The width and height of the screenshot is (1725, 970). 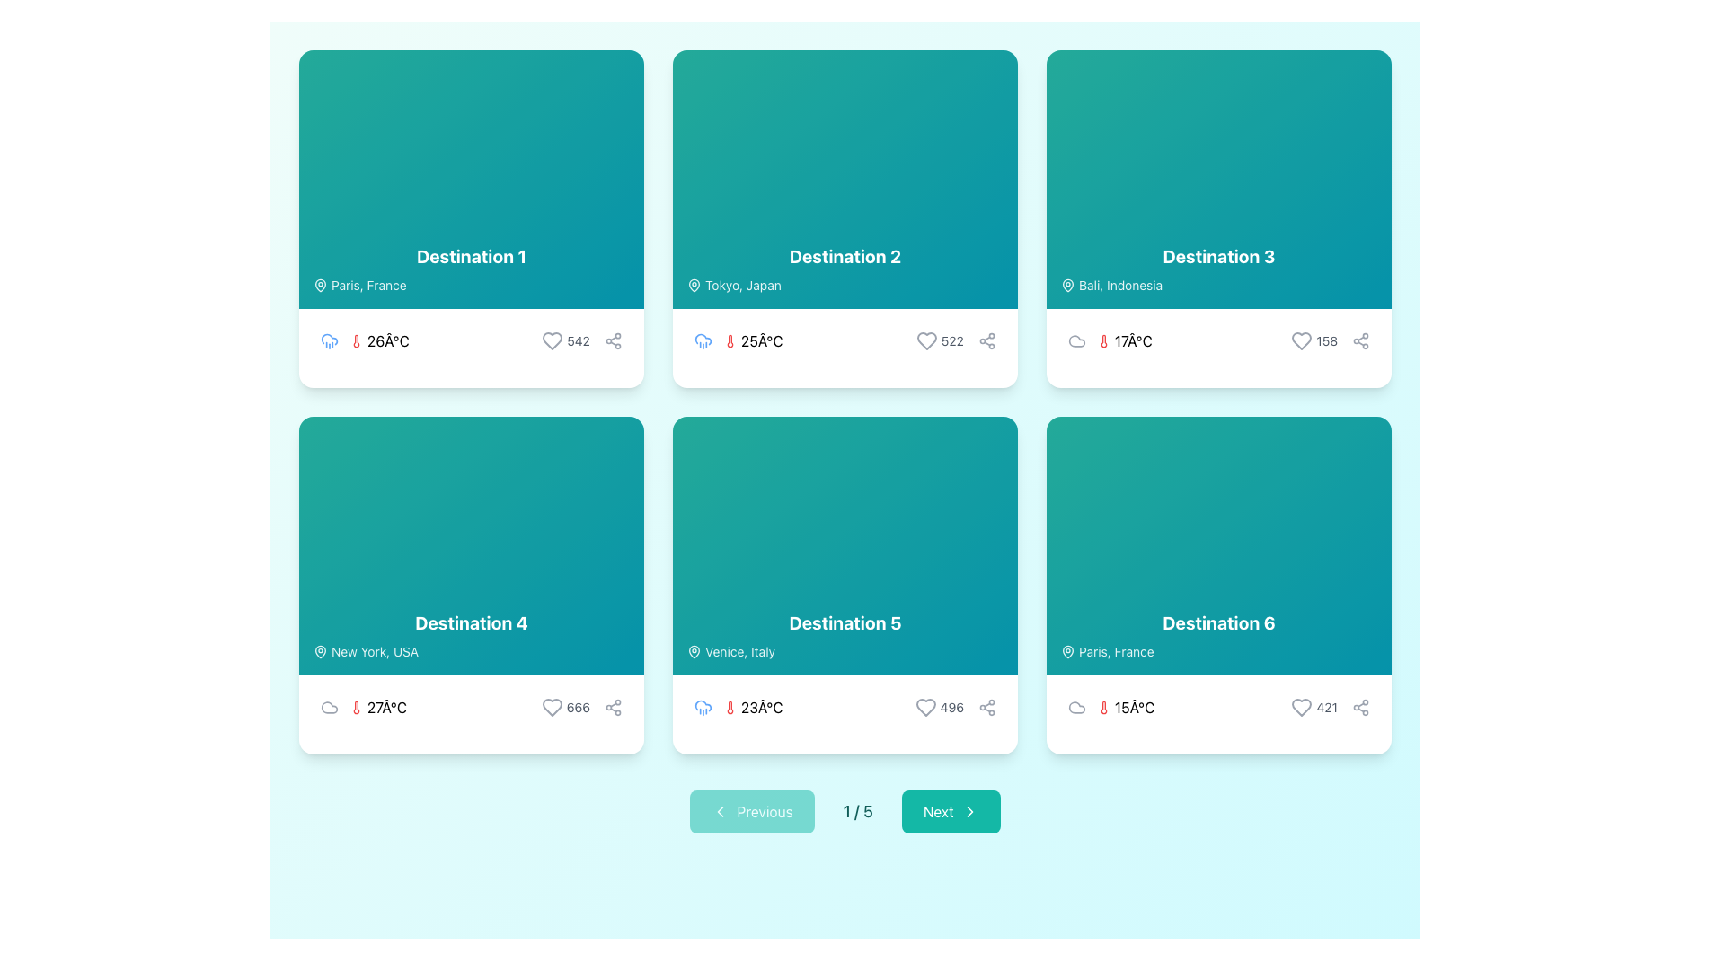 I want to click on the geographical location icon located to the left of the text 'New York, USA' in the fourth card of the second row in the grid layout, so click(x=320, y=651).